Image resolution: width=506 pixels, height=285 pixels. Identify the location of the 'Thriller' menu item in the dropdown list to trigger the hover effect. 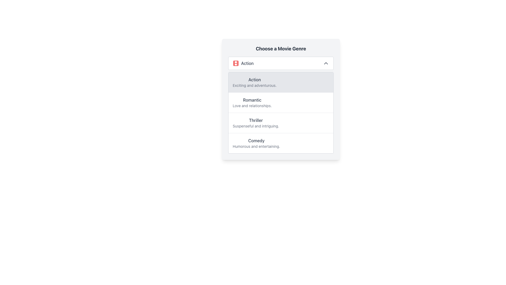
(280, 123).